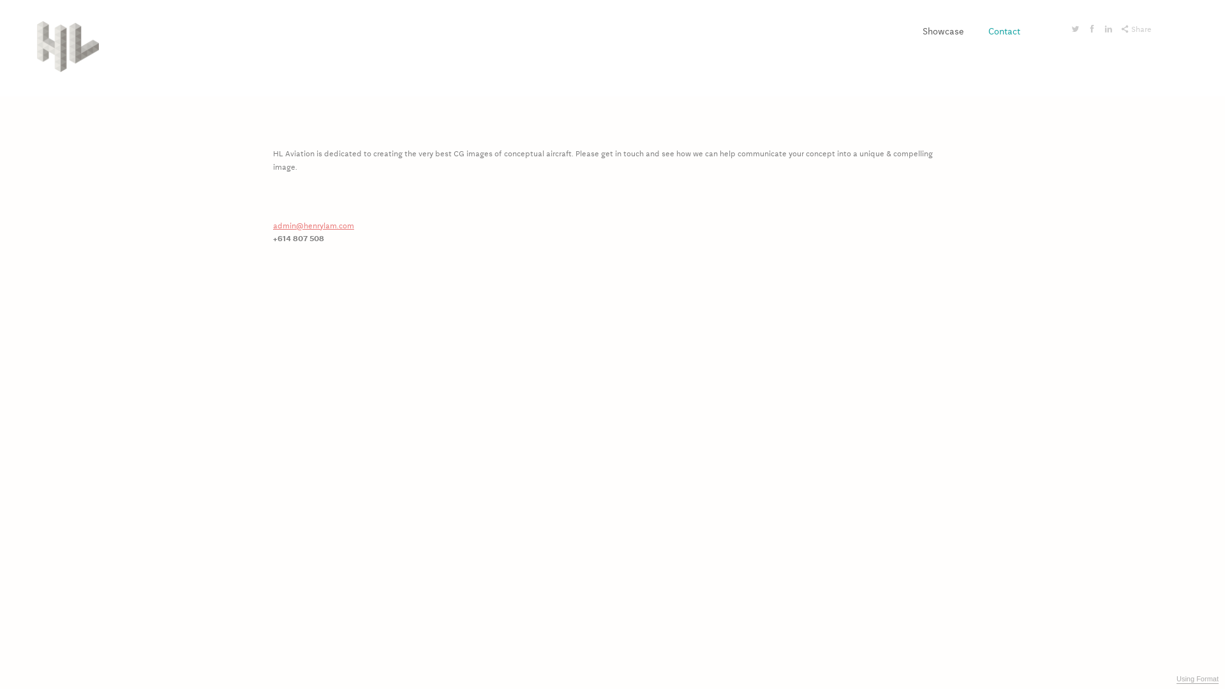 The width and height of the screenshot is (1225, 689). What do you see at coordinates (1196, 678) in the screenshot?
I see `'Using Format'` at bounding box center [1196, 678].